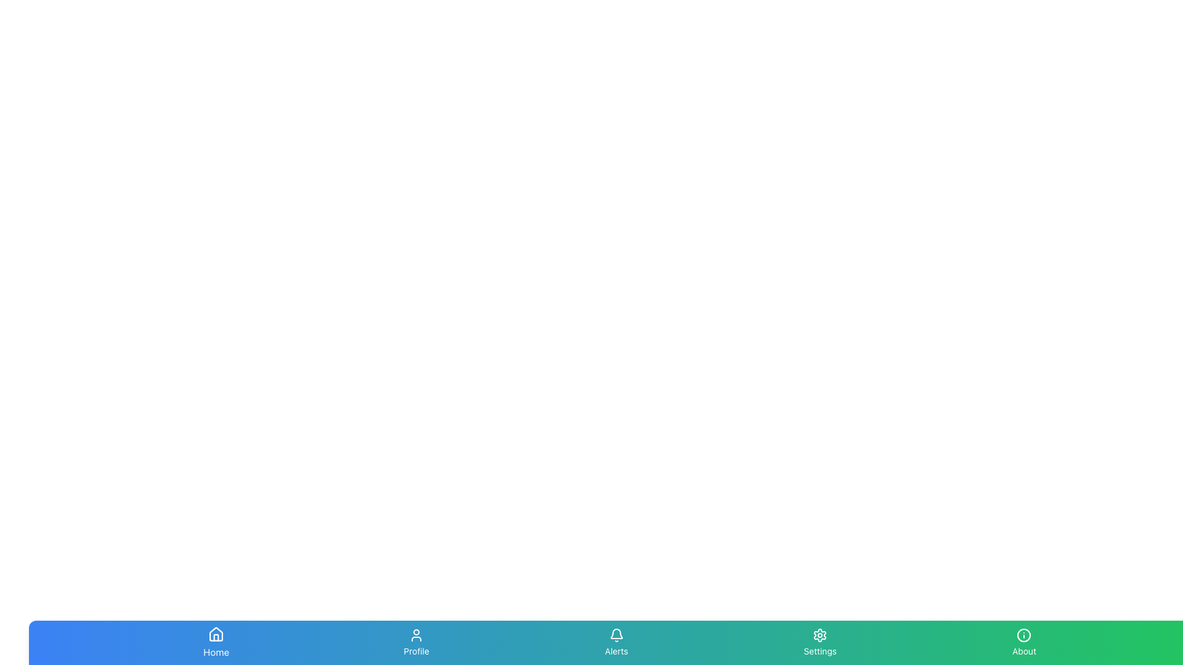 The width and height of the screenshot is (1183, 665). What do you see at coordinates (1024, 642) in the screenshot?
I see `the 'About' button located in the bottom navigation bar, which has a green background and an information symbol icon` at bounding box center [1024, 642].